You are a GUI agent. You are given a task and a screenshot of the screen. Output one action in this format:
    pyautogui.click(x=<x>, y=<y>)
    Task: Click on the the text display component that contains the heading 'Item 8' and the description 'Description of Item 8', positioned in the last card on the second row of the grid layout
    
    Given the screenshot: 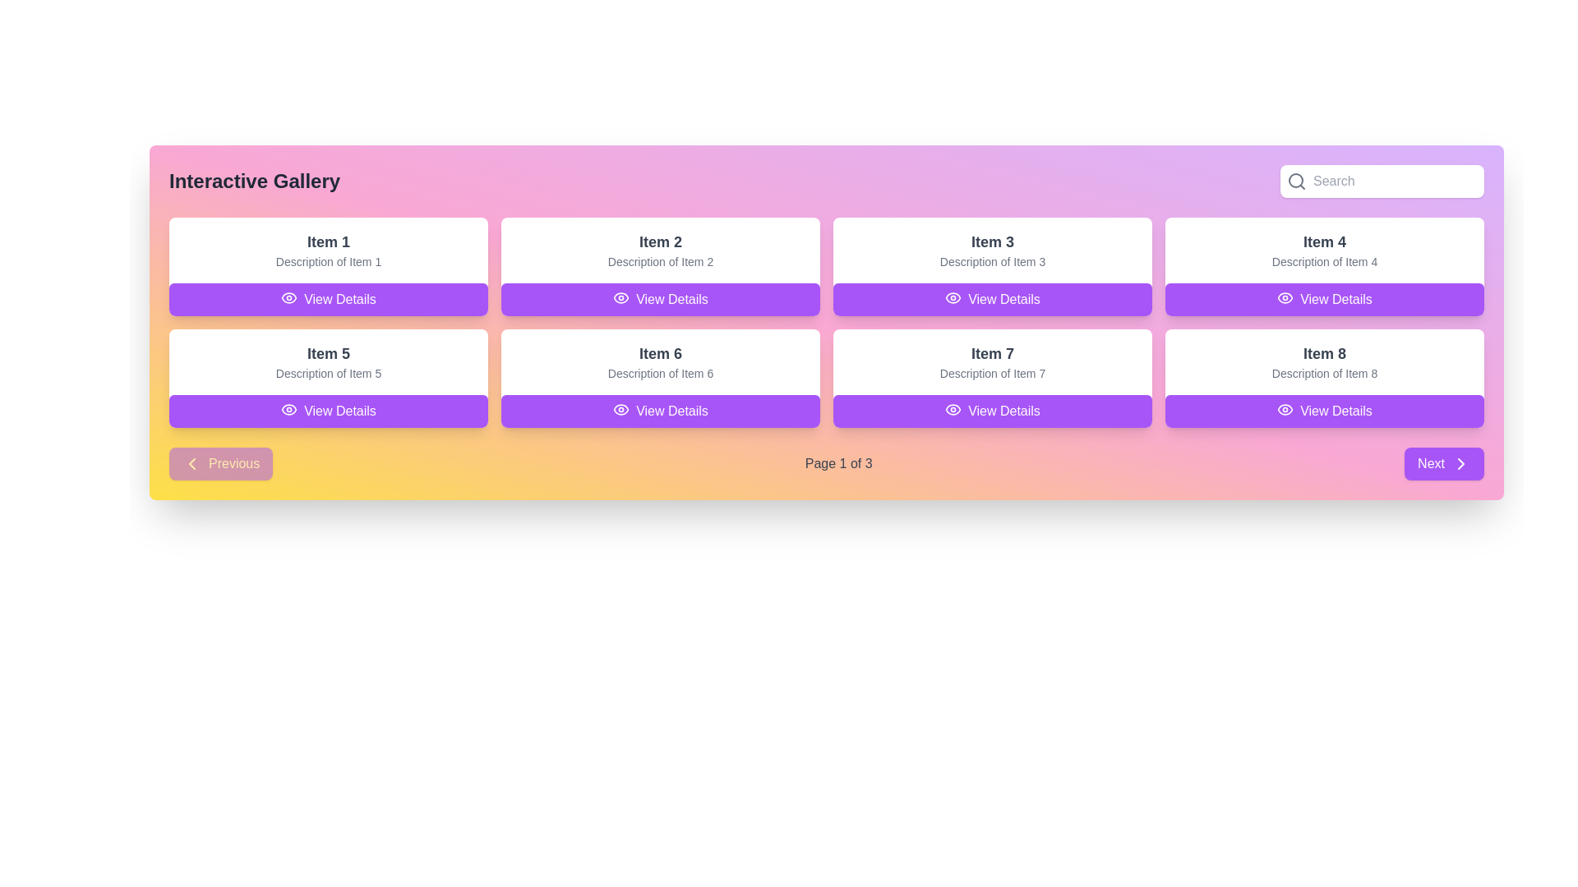 What is the action you would take?
    pyautogui.click(x=1325, y=361)
    